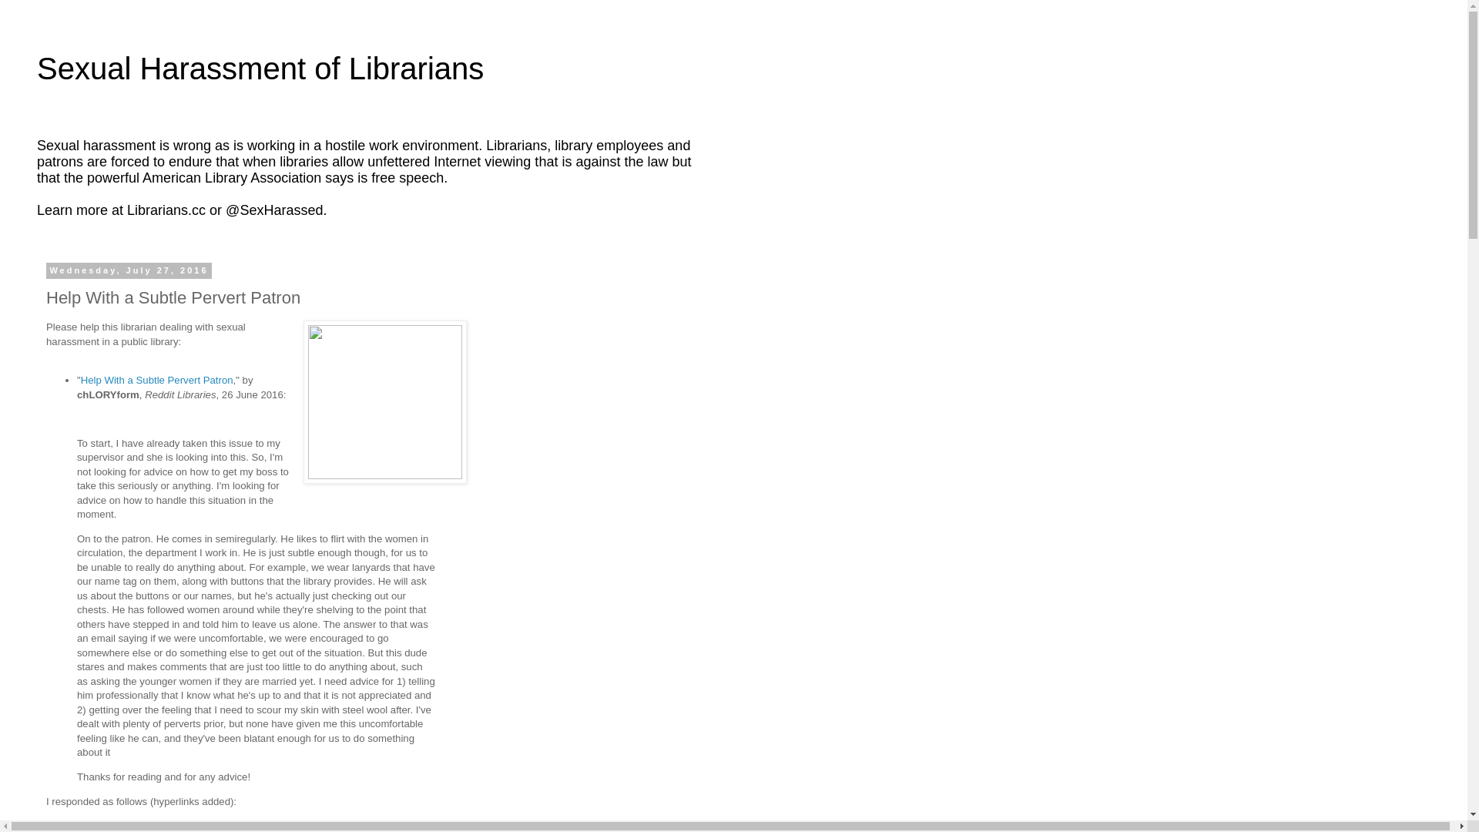 This screenshot has width=1479, height=832. I want to click on 'Help With a Subtle Pervert Patron', so click(156, 380).